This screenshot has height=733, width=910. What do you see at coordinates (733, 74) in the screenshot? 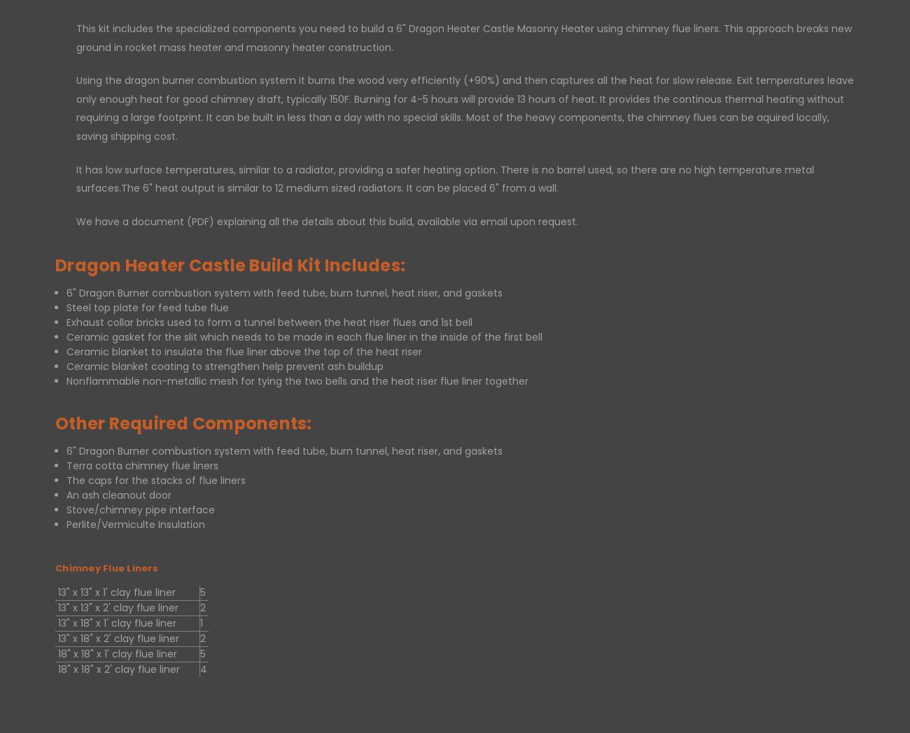
I see `'Premixed Fireclay Mortar, 1 quart'` at bounding box center [733, 74].